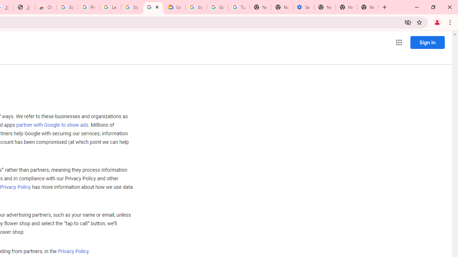 Image resolution: width=458 pixels, height=257 pixels. What do you see at coordinates (368, 7) in the screenshot?
I see `'New Tab'` at bounding box center [368, 7].